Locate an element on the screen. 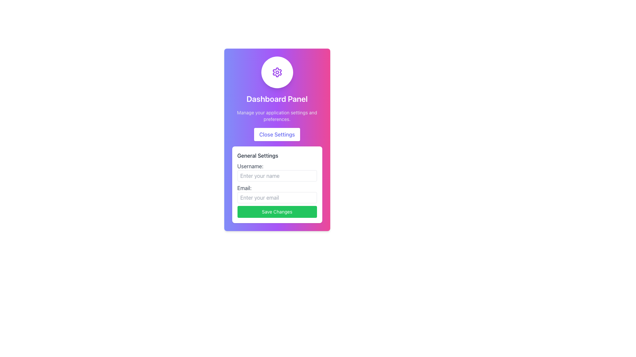  on the text input field for the user's name, located under the 'Username:' label in the 'General Settings' section is located at coordinates (277, 176).